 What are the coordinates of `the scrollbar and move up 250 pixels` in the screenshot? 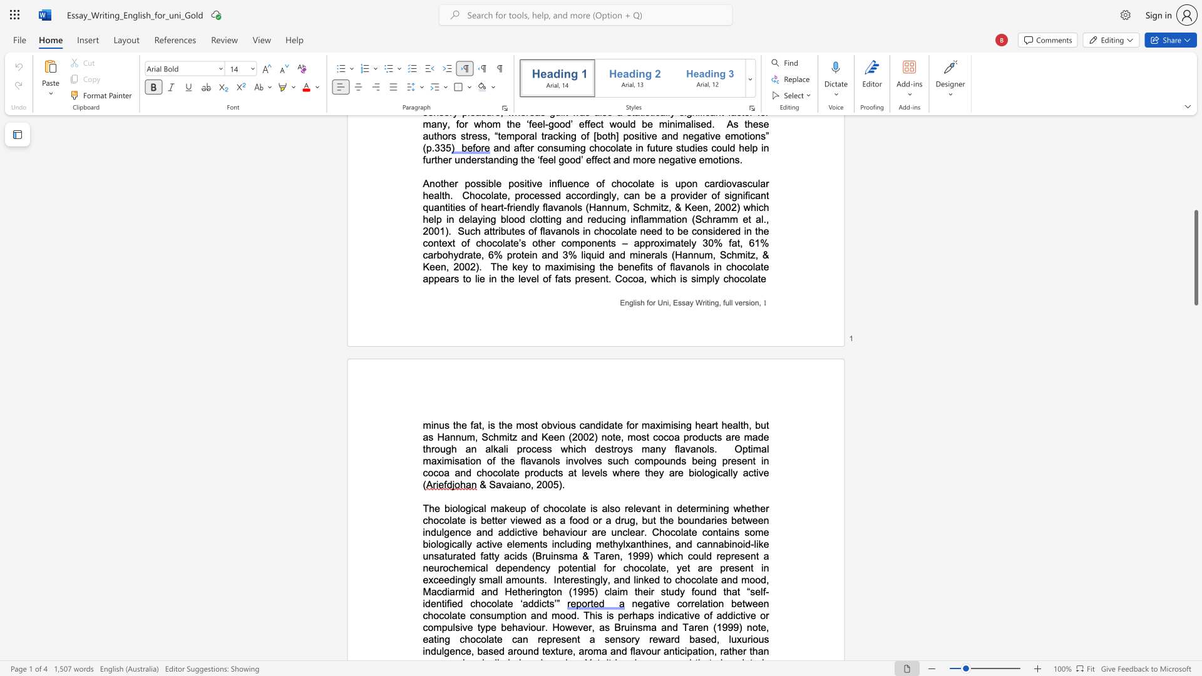 It's located at (1195, 257).